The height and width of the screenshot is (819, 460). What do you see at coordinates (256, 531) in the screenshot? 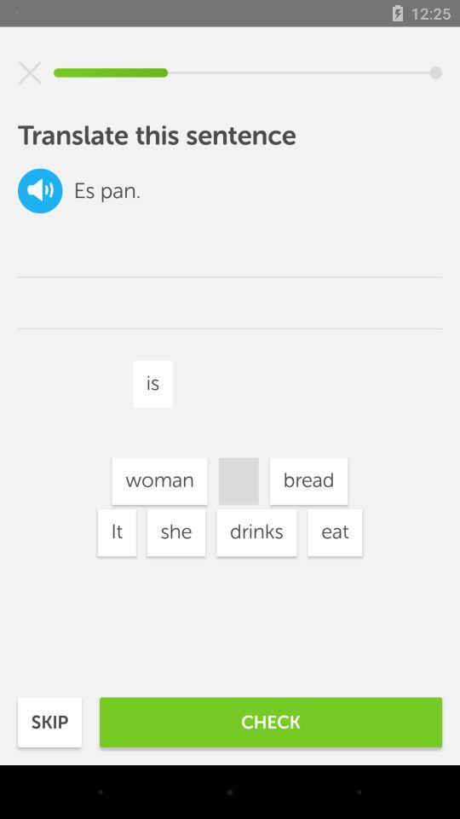
I see `the icon below the is icon` at bounding box center [256, 531].